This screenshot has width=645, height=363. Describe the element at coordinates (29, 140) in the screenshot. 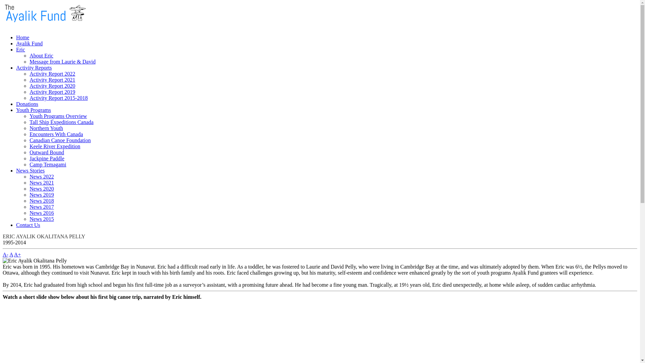

I see `'Canadian Canoe Foundation'` at that location.